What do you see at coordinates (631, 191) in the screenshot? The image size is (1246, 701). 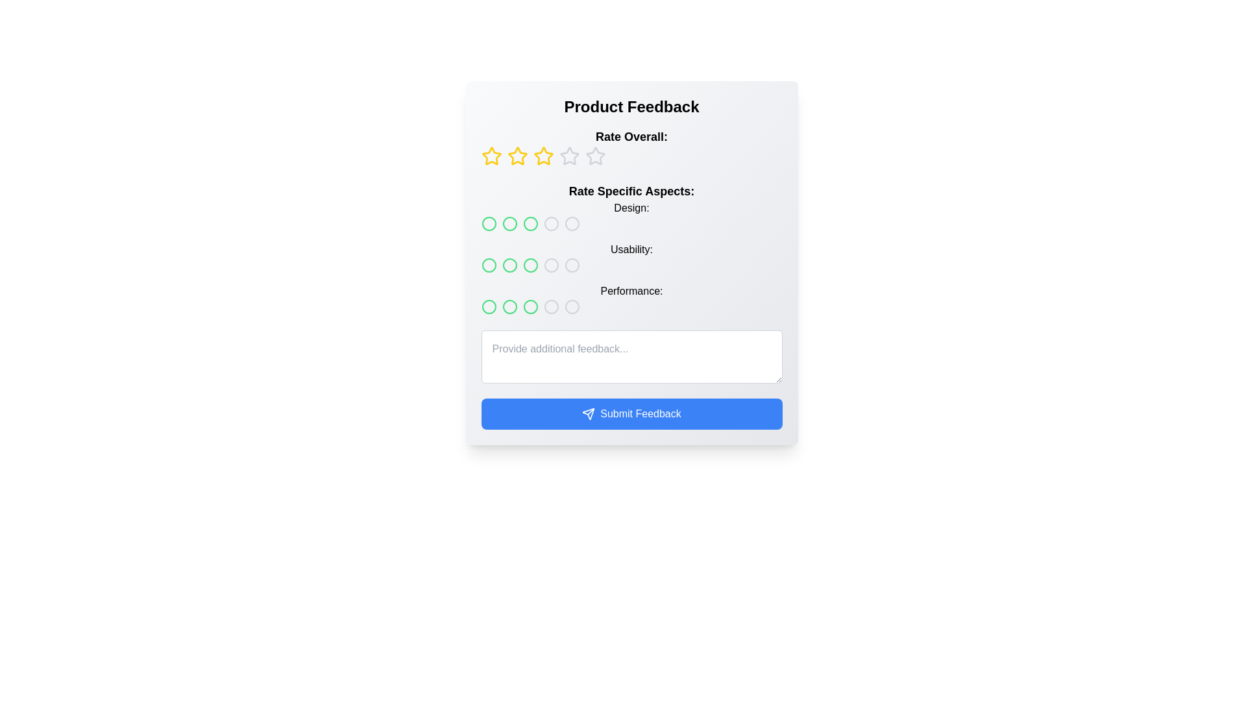 I see `the bold text label that says 'Rate Specific Aspects:', which is prominently displayed at the top of the section above the specific aspect rating categories` at bounding box center [631, 191].